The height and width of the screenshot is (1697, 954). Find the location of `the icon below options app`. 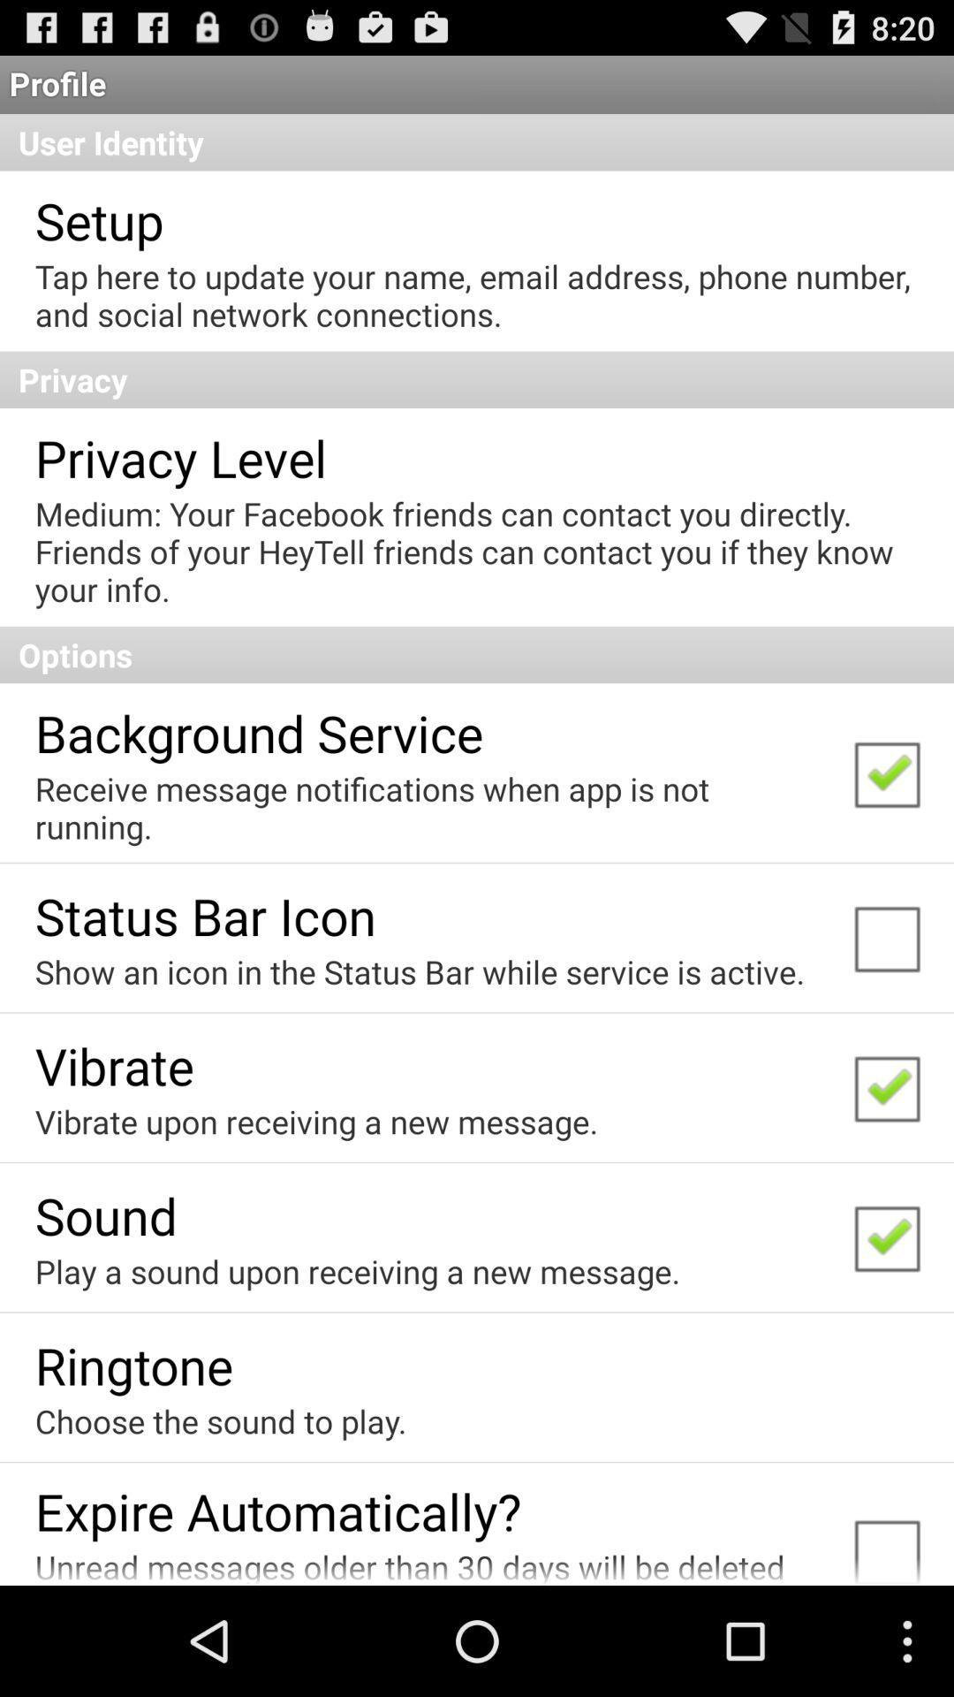

the icon below options app is located at coordinates (259, 733).